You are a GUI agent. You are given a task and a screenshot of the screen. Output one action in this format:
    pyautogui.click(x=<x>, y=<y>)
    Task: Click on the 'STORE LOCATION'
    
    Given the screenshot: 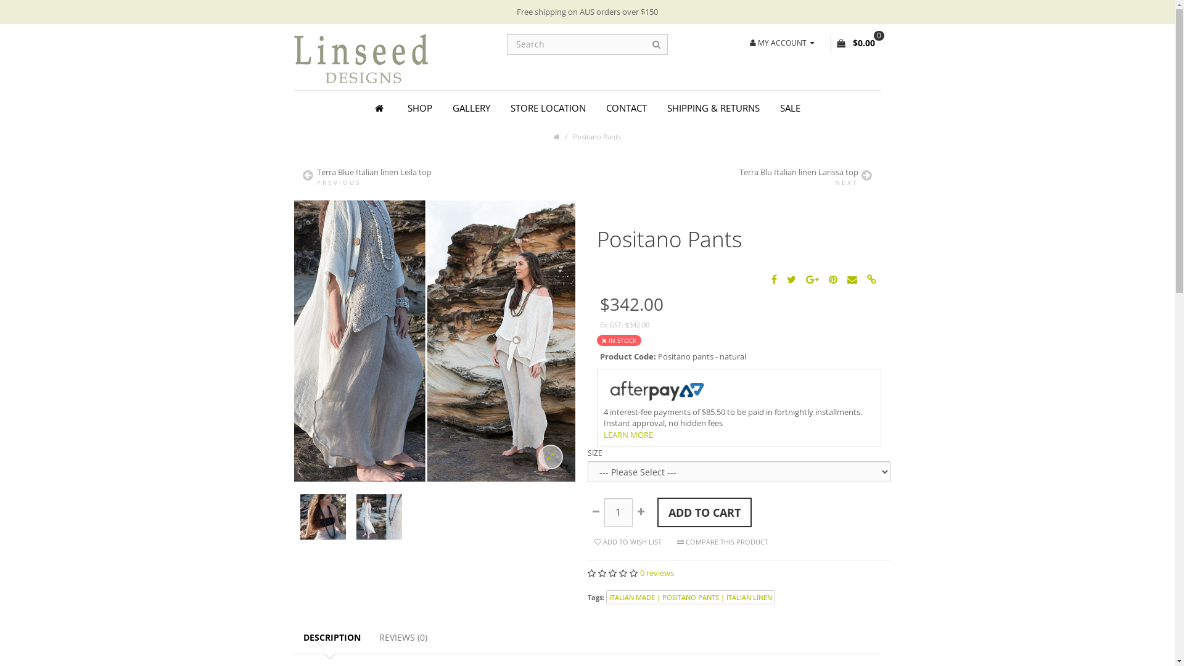 What is the action you would take?
    pyautogui.click(x=547, y=107)
    